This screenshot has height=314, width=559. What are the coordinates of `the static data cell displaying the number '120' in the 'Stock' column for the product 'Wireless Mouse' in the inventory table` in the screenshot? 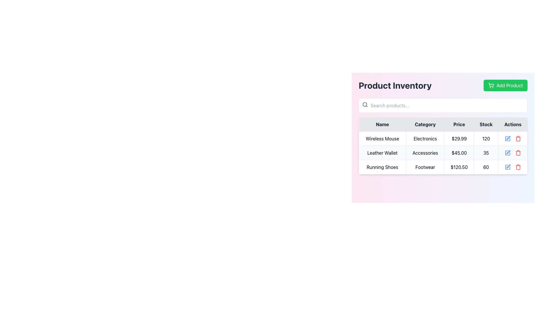 It's located at (486, 139).